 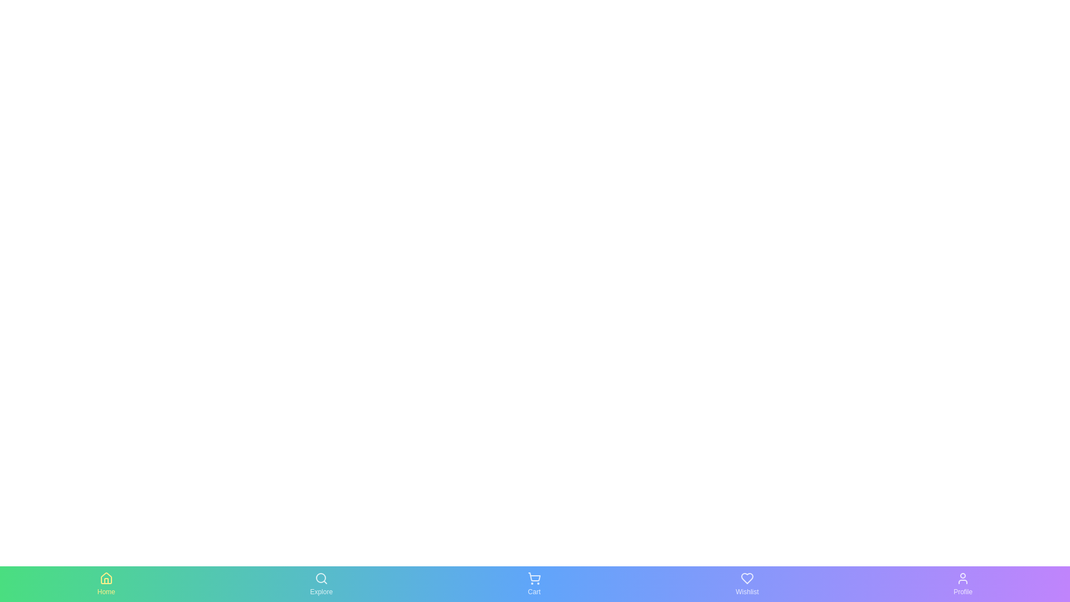 What do you see at coordinates (106, 584) in the screenshot?
I see `the Home navigation icon to trigger navigation` at bounding box center [106, 584].